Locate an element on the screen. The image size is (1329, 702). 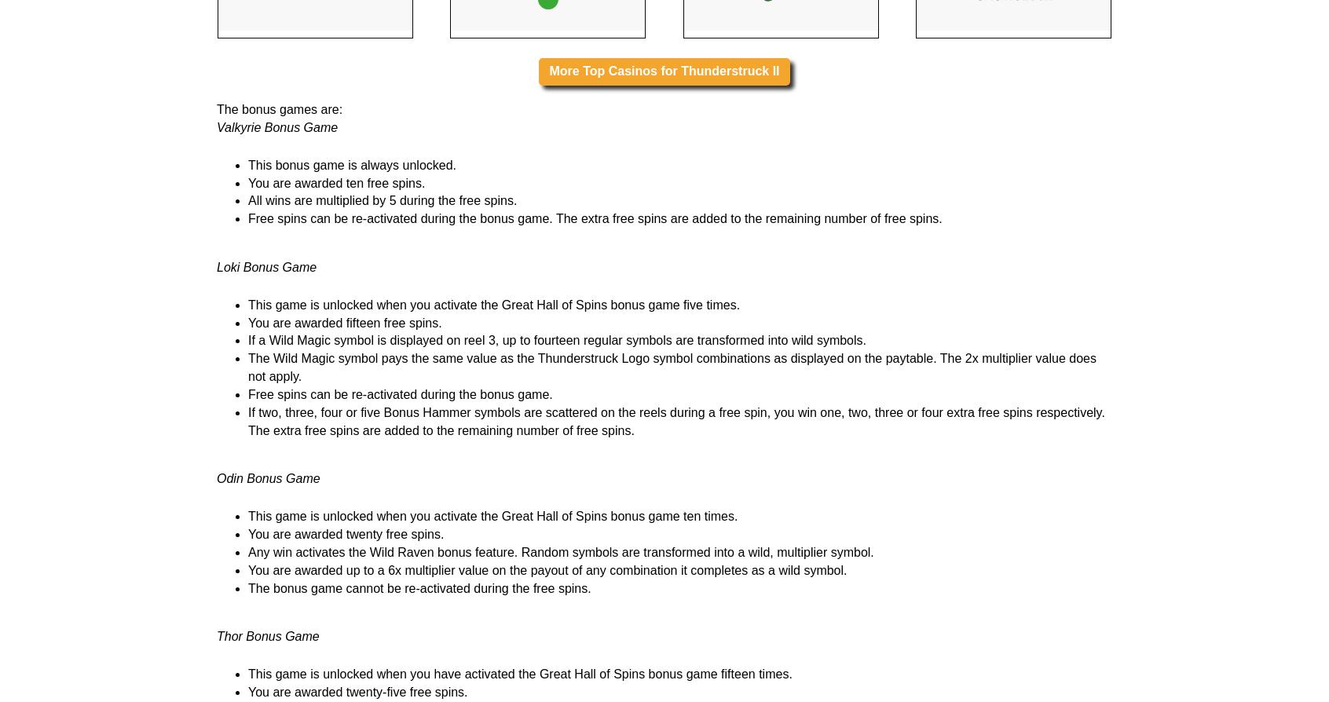
'You are awarded ten free spins.' is located at coordinates (335, 379).